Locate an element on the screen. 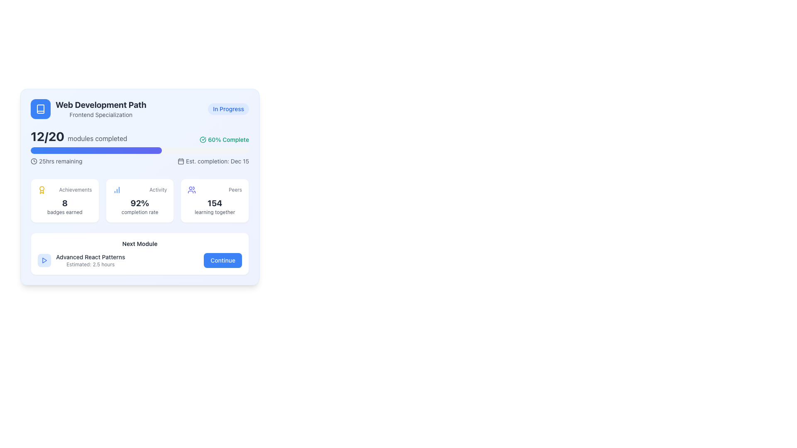 The width and height of the screenshot is (797, 448). the play or forward button icon located at the bottom right of the UI, which is associated with advancing or proceeding in the process is located at coordinates (44, 260).